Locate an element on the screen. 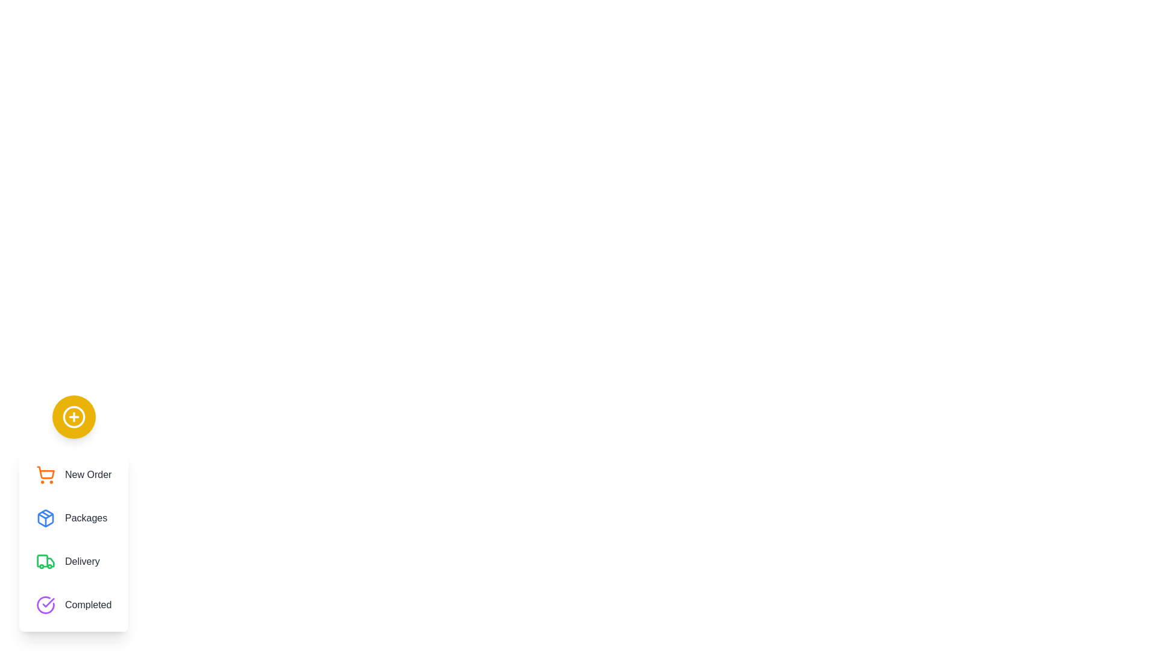 This screenshot has width=1157, height=651. the menu option Packages from the speed dial menu is located at coordinates (73, 518).